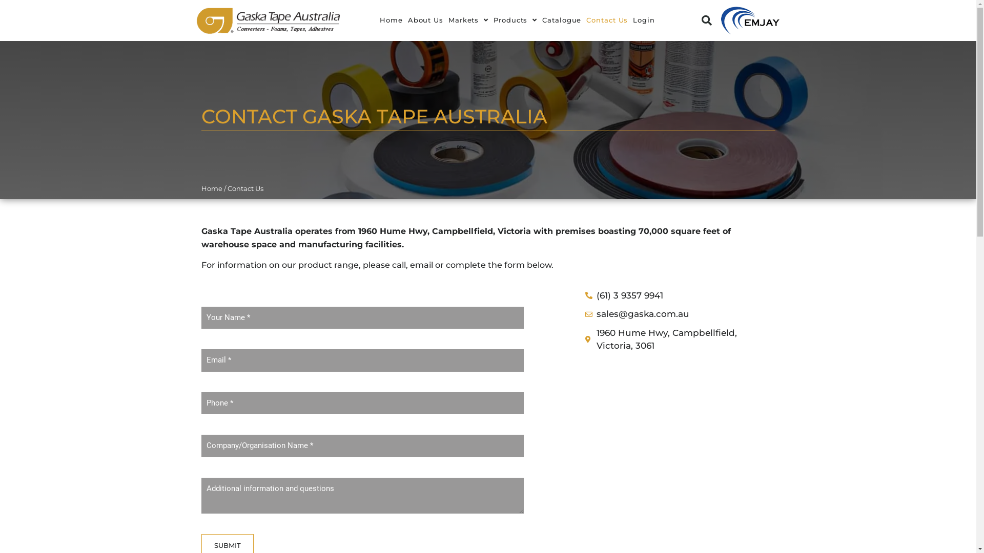 Image resolution: width=984 pixels, height=553 pixels. I want to click on 'Login', so click(643, 20).